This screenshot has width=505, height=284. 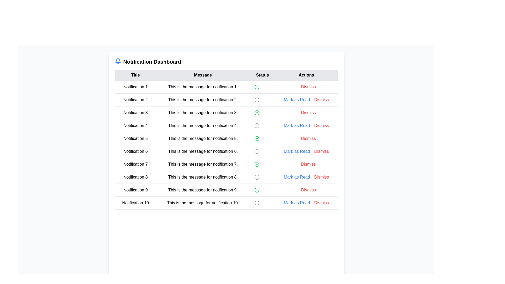 What do you see at coordinates (135, 138) in the screenshot?
I see `the title text label of the fifth notification in the Notification Dashboard table, located in the first column under the 'Title' header` at bounding box center [135, 138].